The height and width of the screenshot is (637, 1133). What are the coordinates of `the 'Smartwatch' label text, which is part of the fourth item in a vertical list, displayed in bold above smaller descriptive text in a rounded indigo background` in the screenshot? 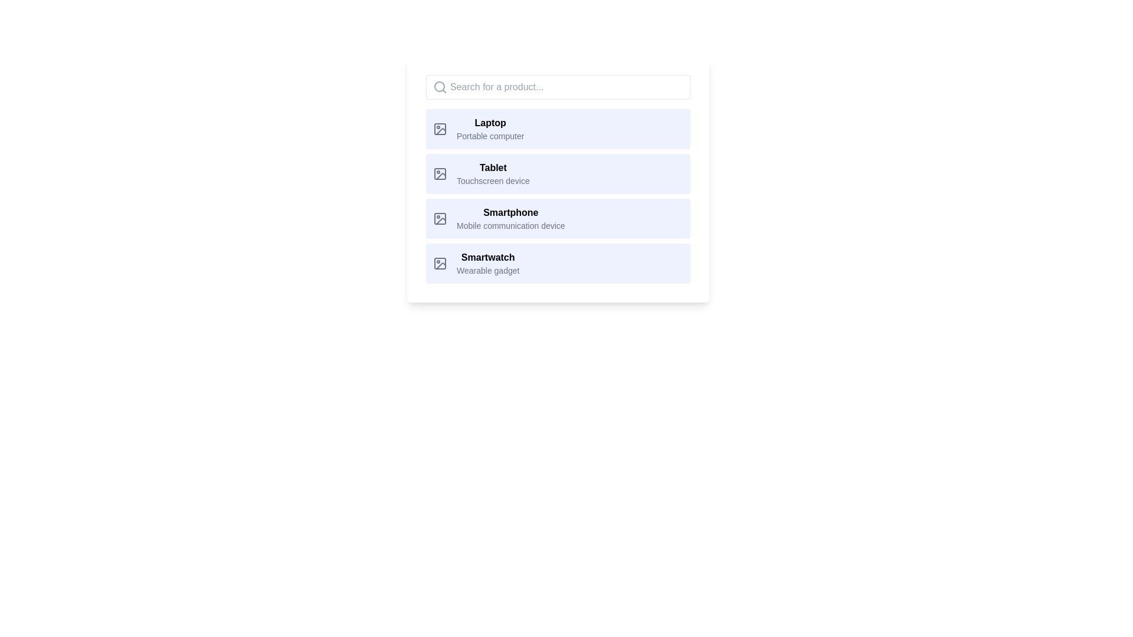 It's located at (488, 263).